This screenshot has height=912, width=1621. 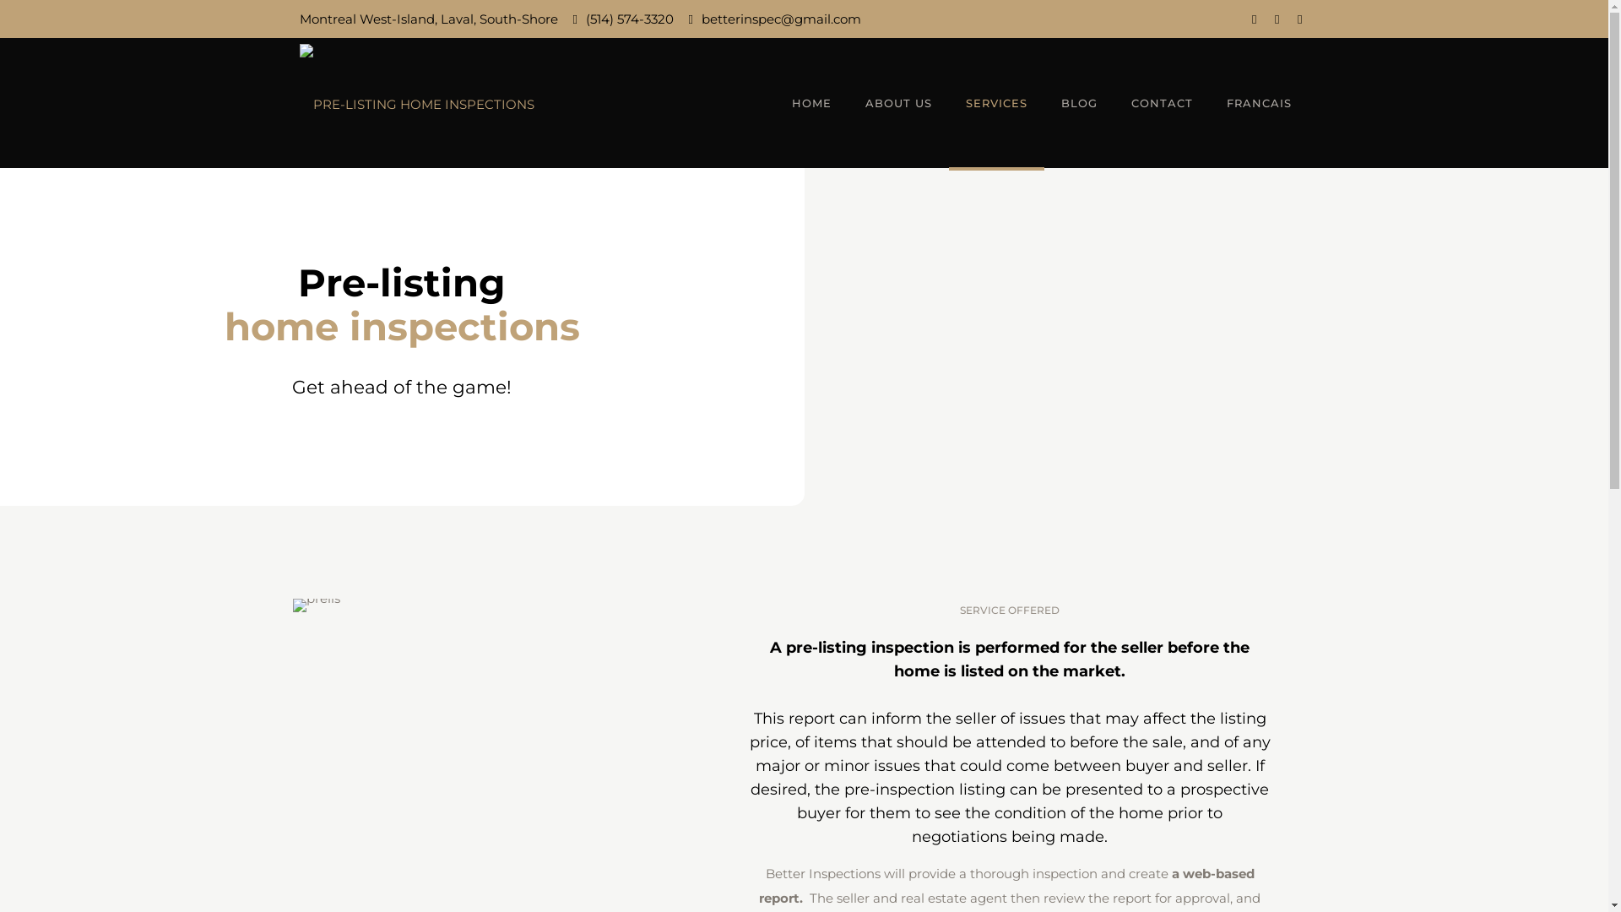 I want to click on 'ABOUT US', so click(x=848, y=102).